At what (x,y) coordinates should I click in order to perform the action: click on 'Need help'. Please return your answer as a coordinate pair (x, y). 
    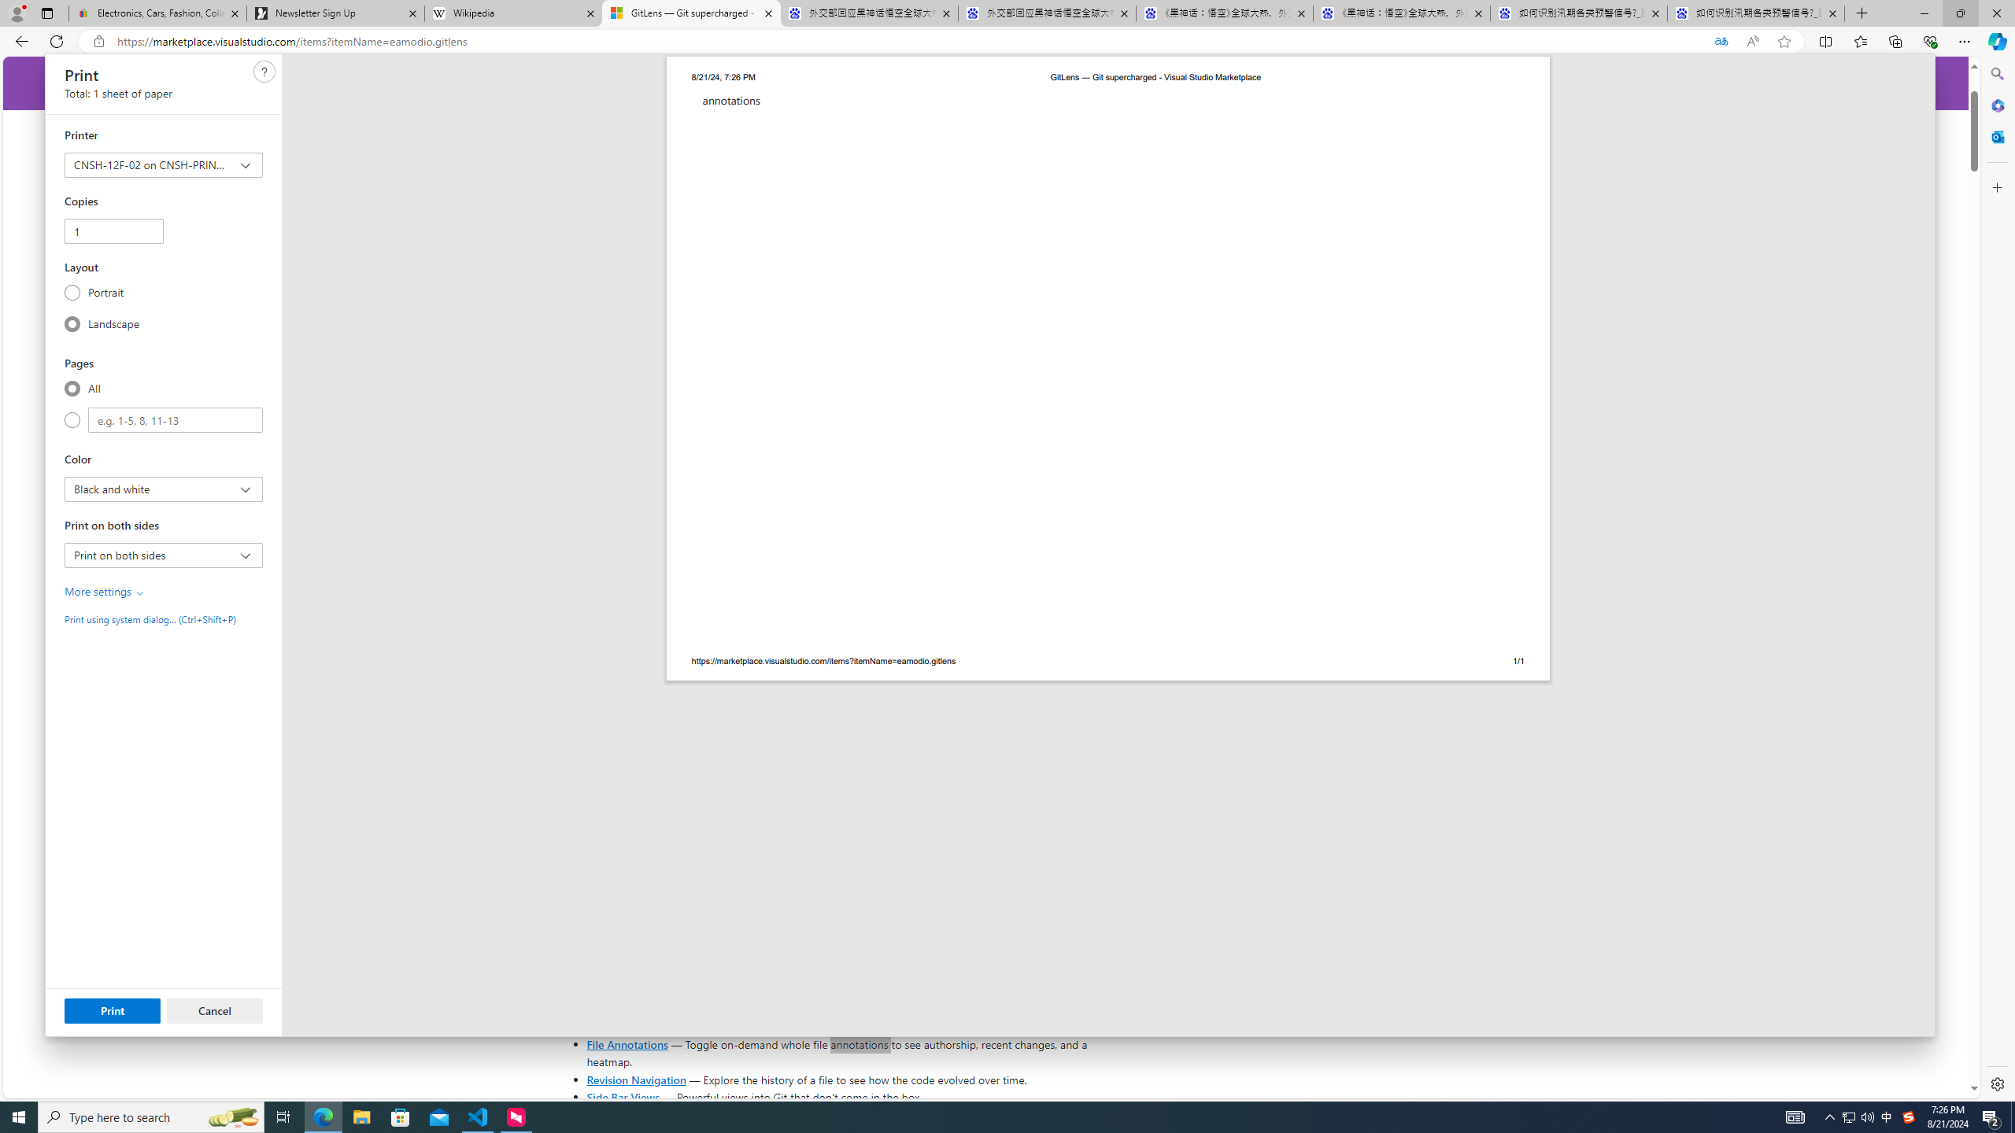
    Looking at the image, I should click on (264, 70).